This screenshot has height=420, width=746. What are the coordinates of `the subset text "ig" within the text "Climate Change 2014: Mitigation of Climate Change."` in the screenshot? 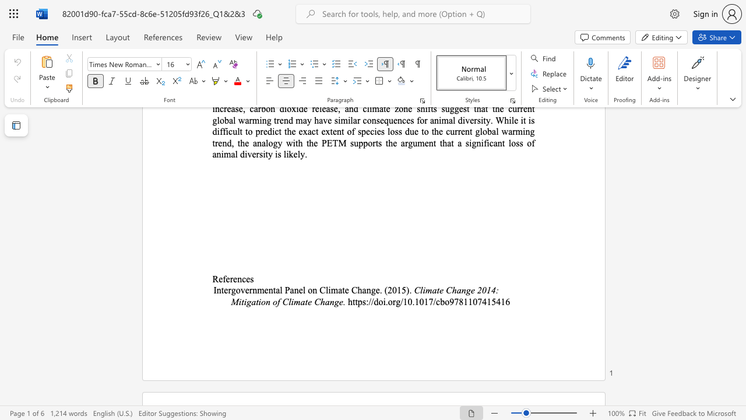 It's located at (243, 301).